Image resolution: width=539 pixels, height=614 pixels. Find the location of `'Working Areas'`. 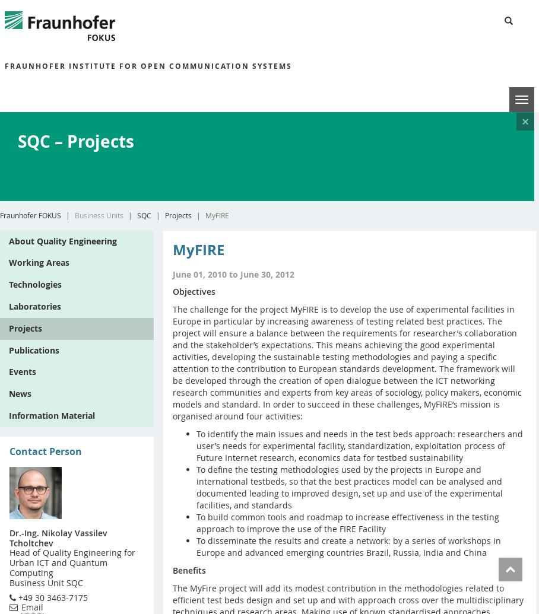

'Working Areas' is located at coordinates (39, 262).